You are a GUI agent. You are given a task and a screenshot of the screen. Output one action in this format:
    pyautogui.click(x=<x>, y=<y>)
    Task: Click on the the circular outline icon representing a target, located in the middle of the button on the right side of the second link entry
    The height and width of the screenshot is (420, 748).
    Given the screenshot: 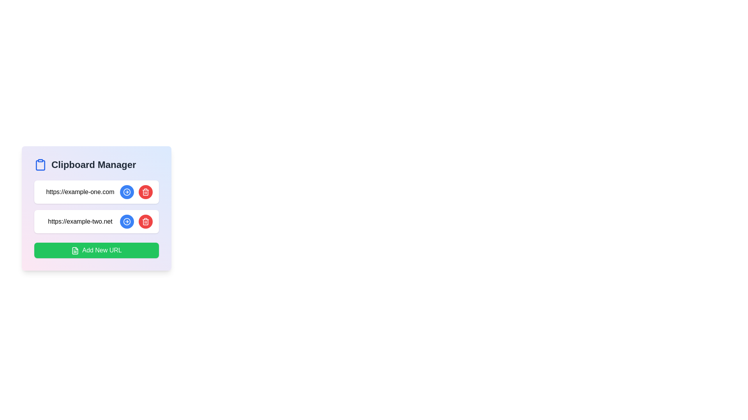 What is the action you would take?
    pyautogui.click(x=127, y=222)
    